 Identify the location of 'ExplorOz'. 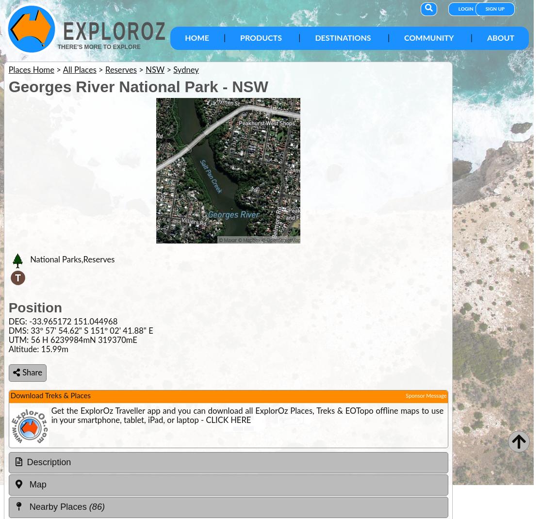
(63, 30).